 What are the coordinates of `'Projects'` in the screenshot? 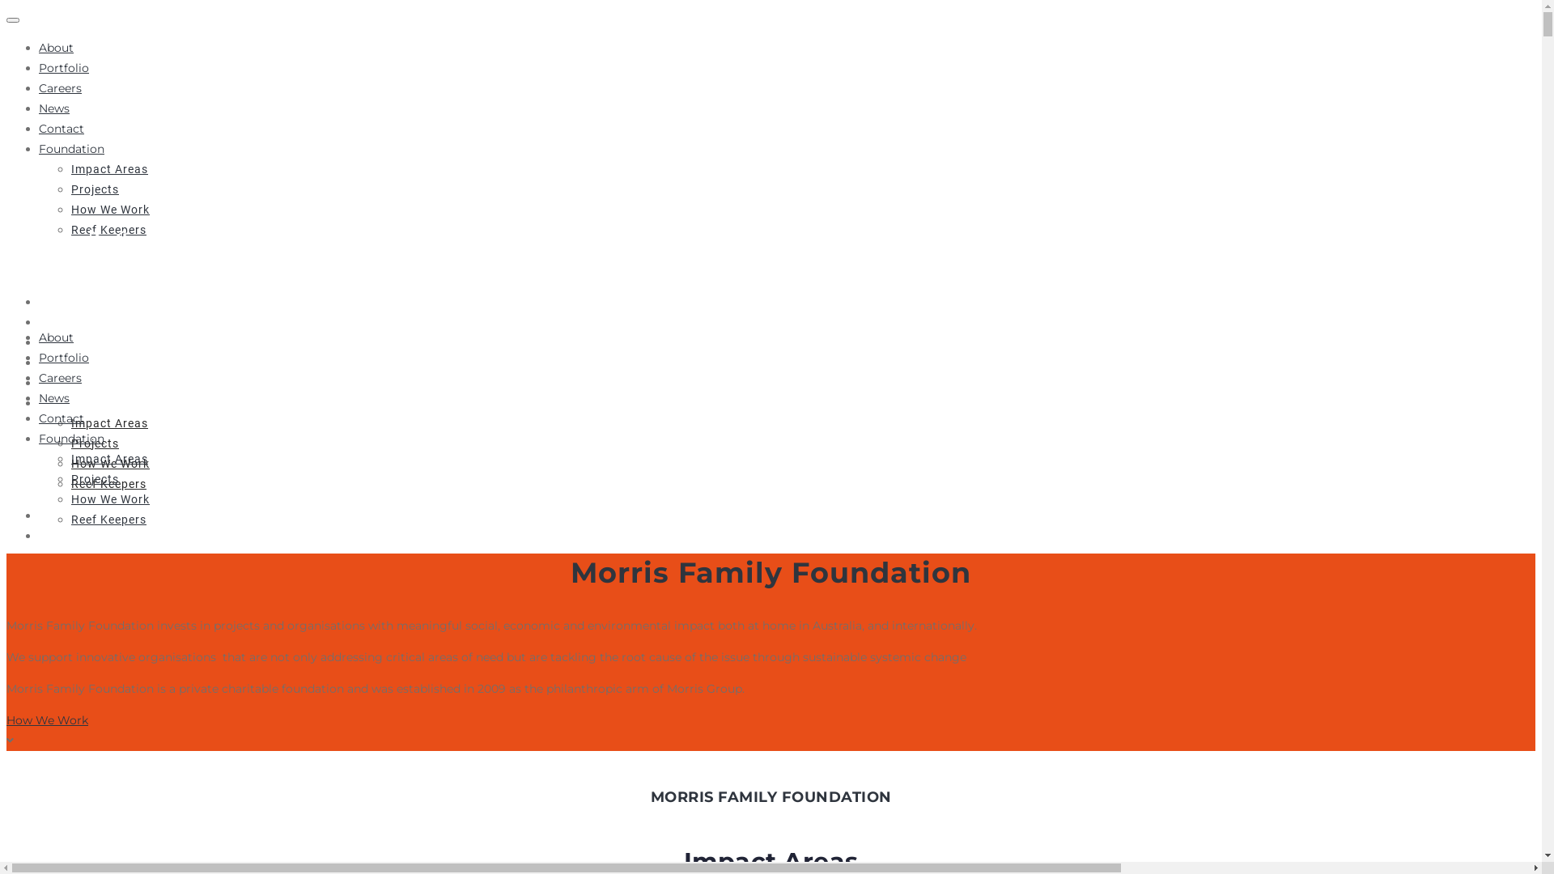 It's located at (70, 189).